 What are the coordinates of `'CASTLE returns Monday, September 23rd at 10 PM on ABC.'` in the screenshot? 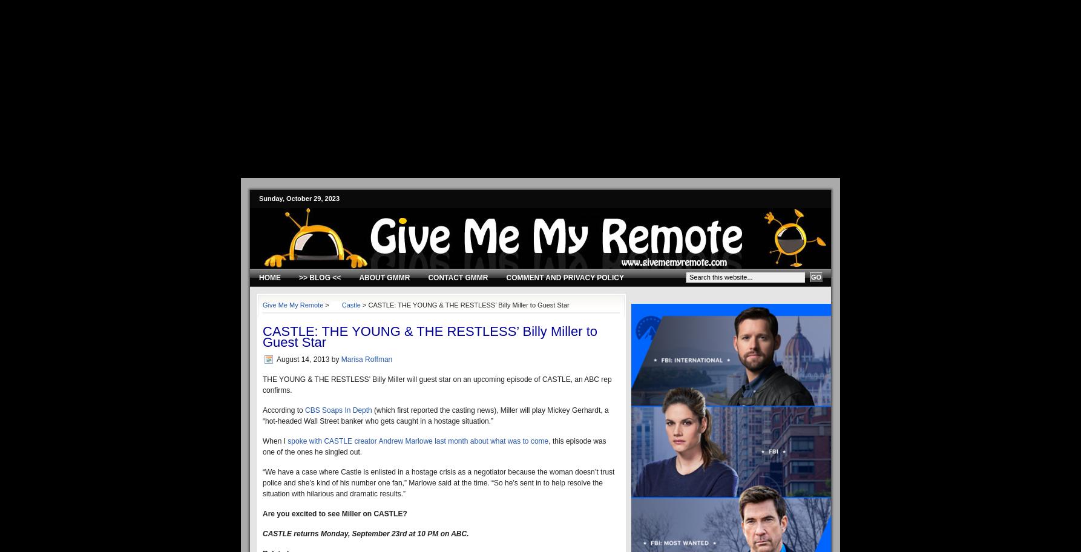 It's located at (262, 533).